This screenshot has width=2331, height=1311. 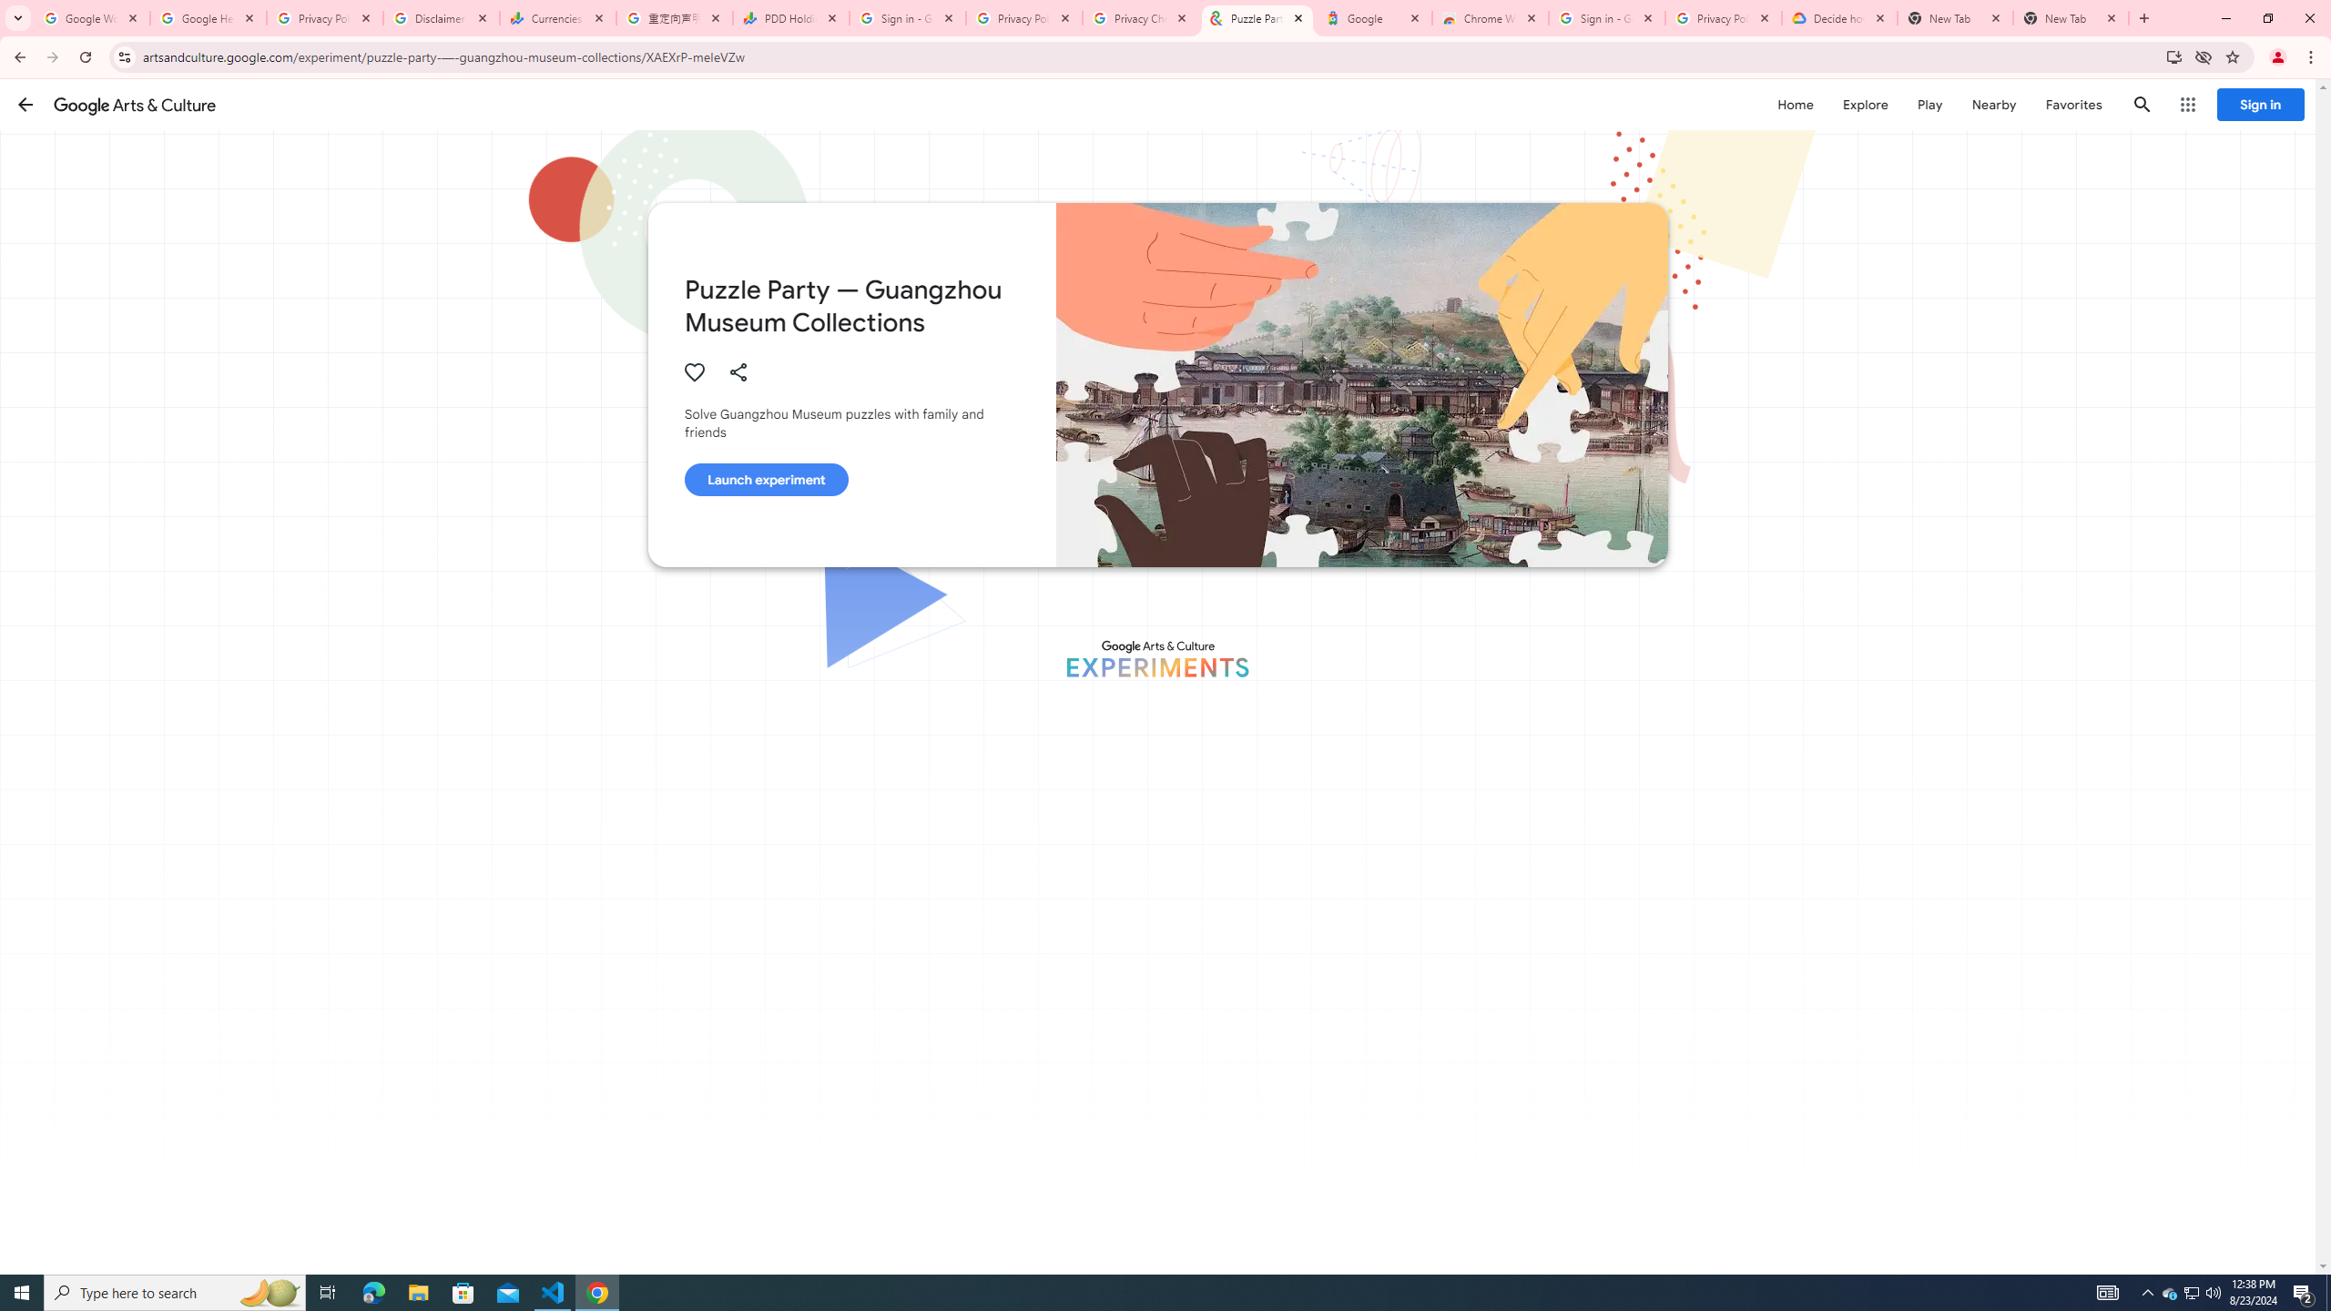 I want to click on 'Favorites', so click(x=2072, y=104).